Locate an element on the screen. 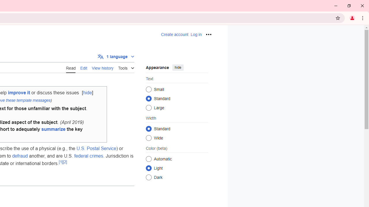 The image size is (369, 207). '[1]' is located at coordinates (61, 162).